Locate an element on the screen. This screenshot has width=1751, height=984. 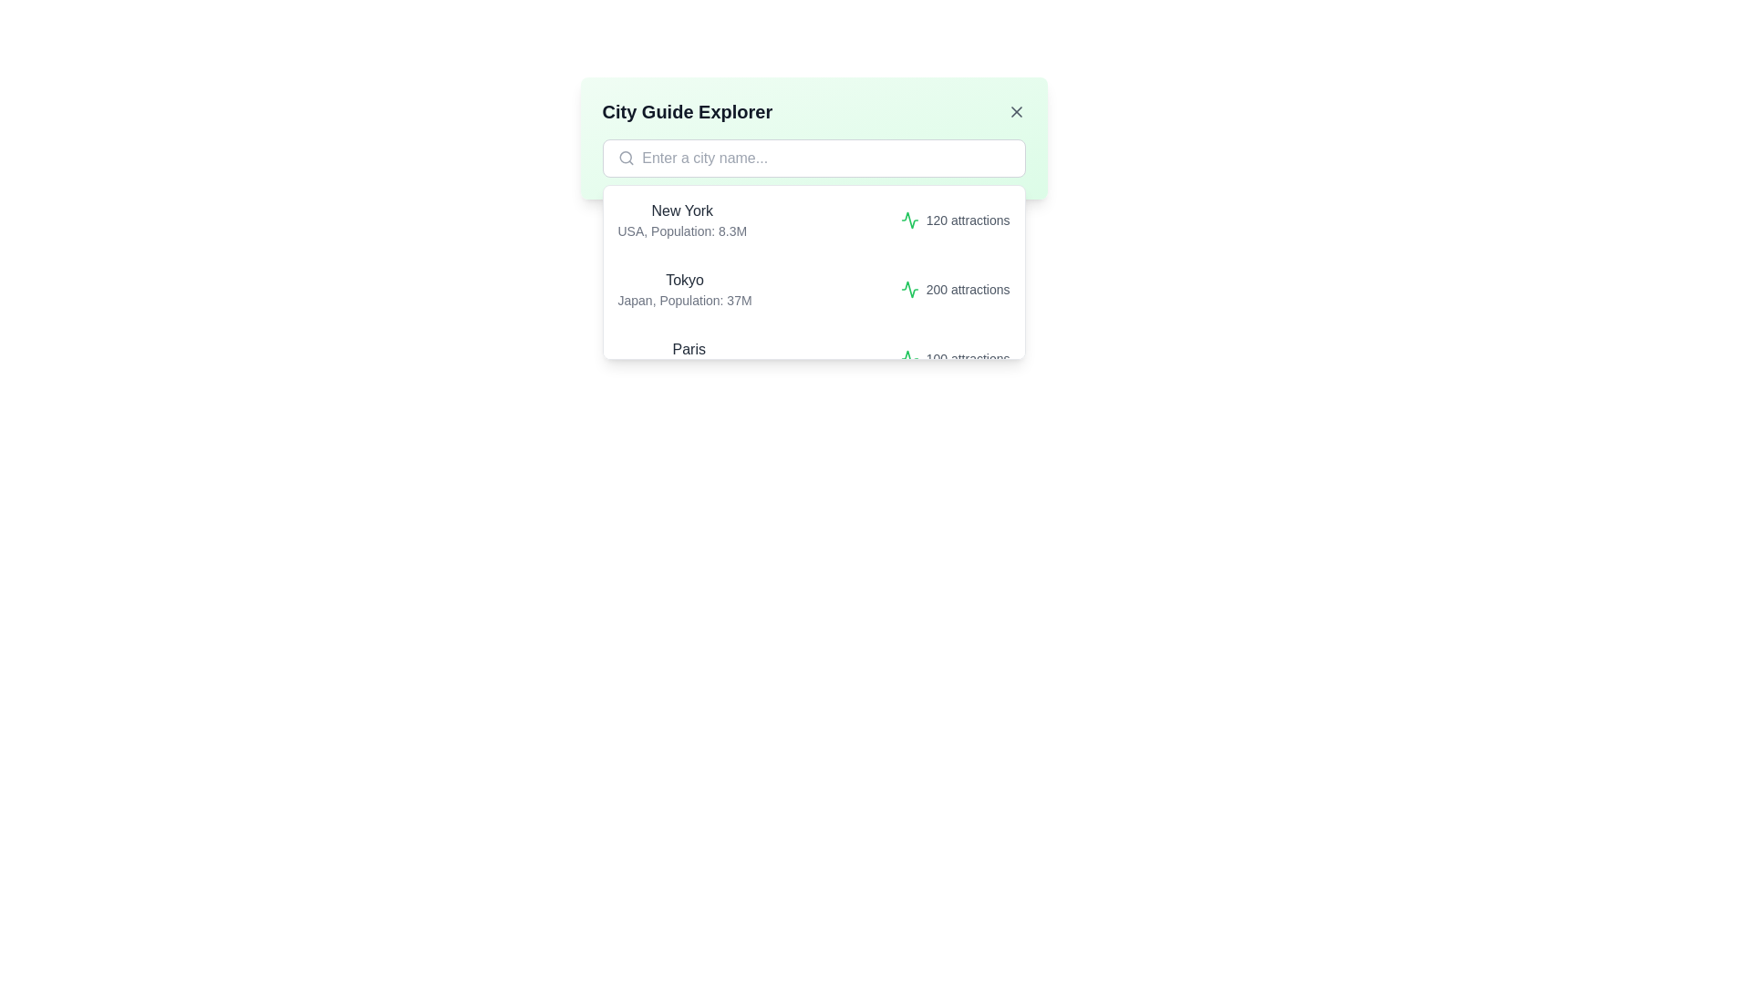
the green wave icon located next to the attractions text in the Tokyo row of the City Guide Explorer list is located at coordinates (909, 288).